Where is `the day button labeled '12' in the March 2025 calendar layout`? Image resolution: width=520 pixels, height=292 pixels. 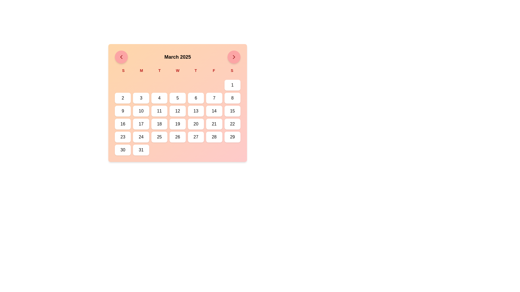 the day button labeled '12' in the March 2025 calendar layout is located at coordinates (178, 111).